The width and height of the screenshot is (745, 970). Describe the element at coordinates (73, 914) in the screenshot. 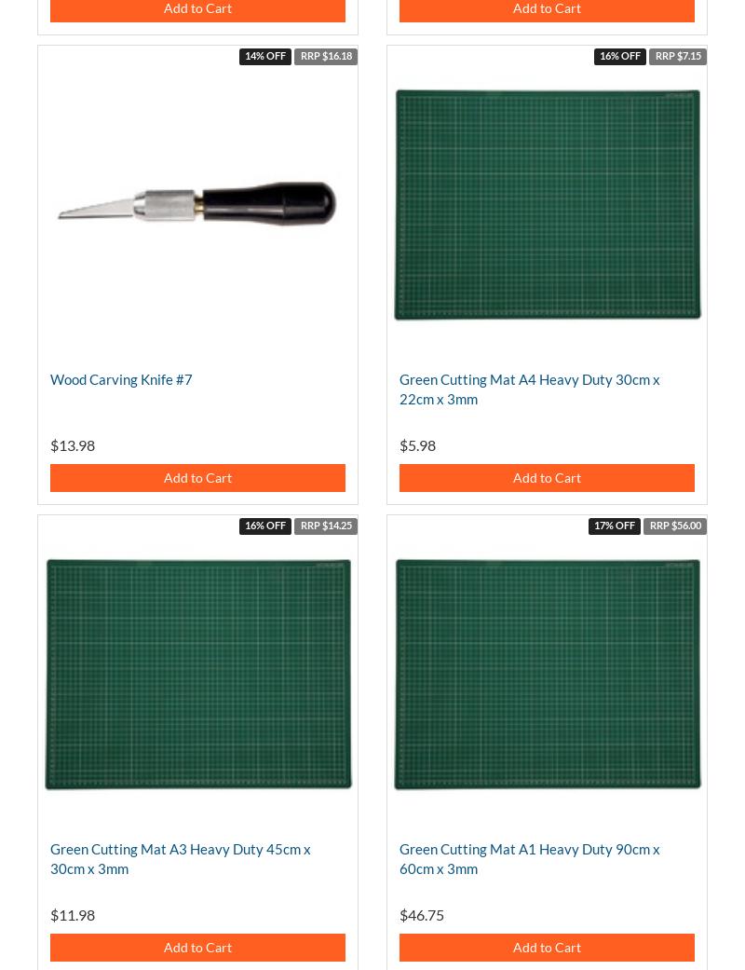

I see `'$11.98'` at that location.